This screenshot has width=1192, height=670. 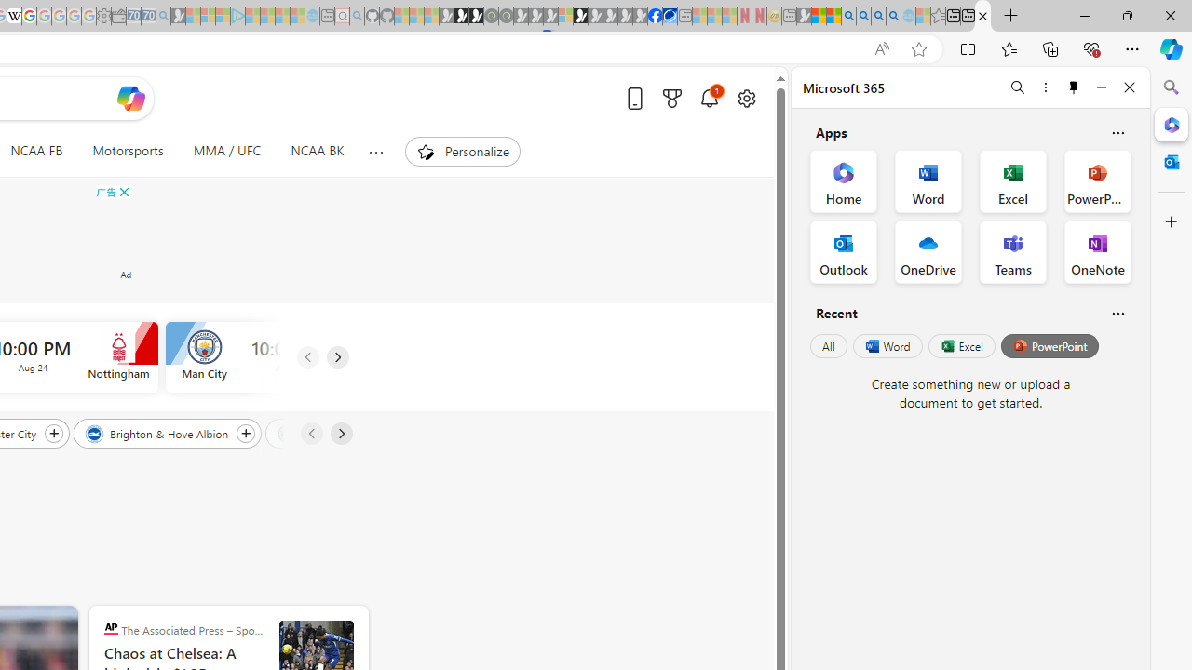 I want to click on 'Motorsports', so click(x=127, y=151).